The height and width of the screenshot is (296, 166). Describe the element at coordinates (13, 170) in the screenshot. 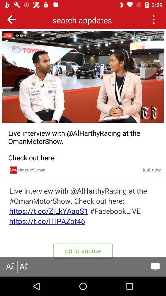

I see `advertisement` at that location.